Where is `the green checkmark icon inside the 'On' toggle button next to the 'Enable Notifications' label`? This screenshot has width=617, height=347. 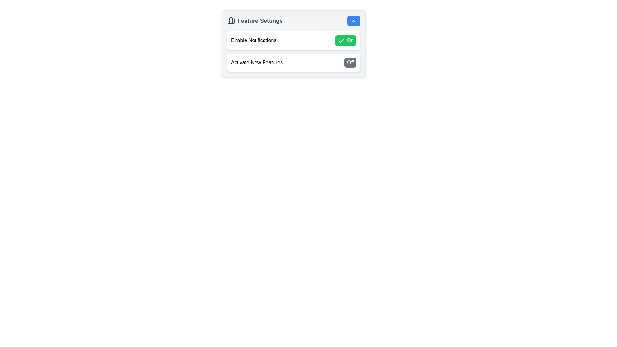
the green checkmark icon inside the 'On' toggle button next to the 'Enable Notifications' label is located at coordinates (341, 40).